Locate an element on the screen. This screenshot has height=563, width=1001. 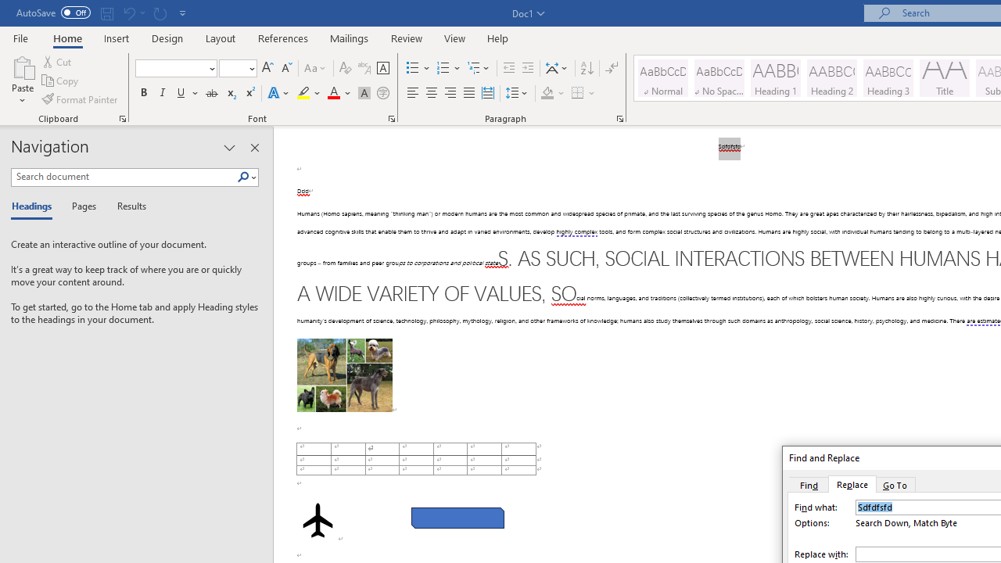
'Center' is located at coordinates (432, 93).